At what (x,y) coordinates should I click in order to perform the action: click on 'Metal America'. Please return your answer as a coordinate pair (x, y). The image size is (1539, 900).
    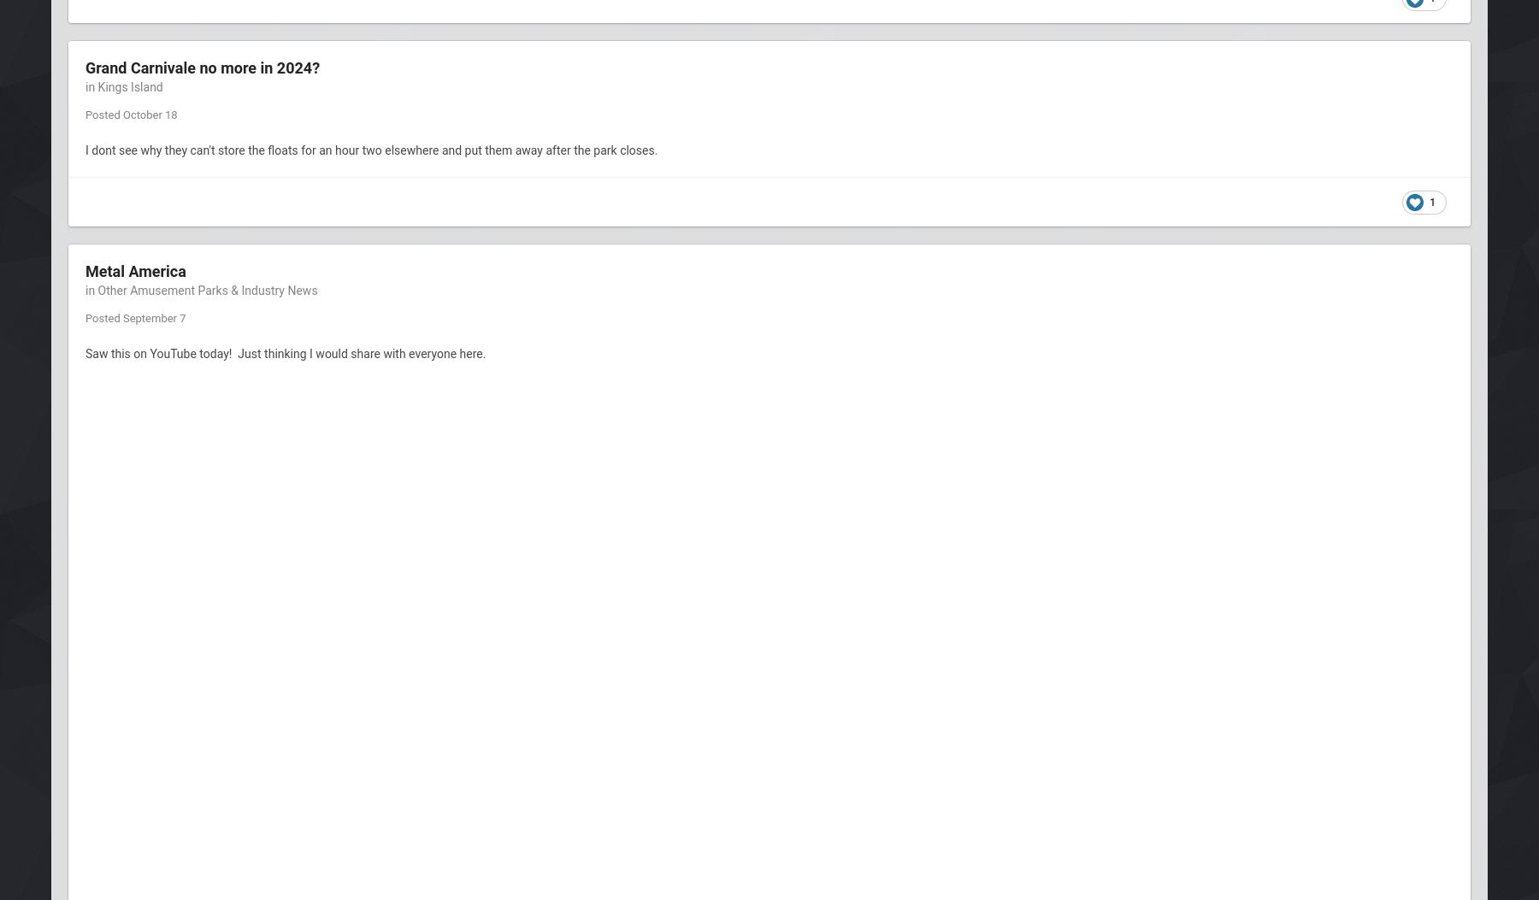
    Looking at the image, I should click on (135, 271).